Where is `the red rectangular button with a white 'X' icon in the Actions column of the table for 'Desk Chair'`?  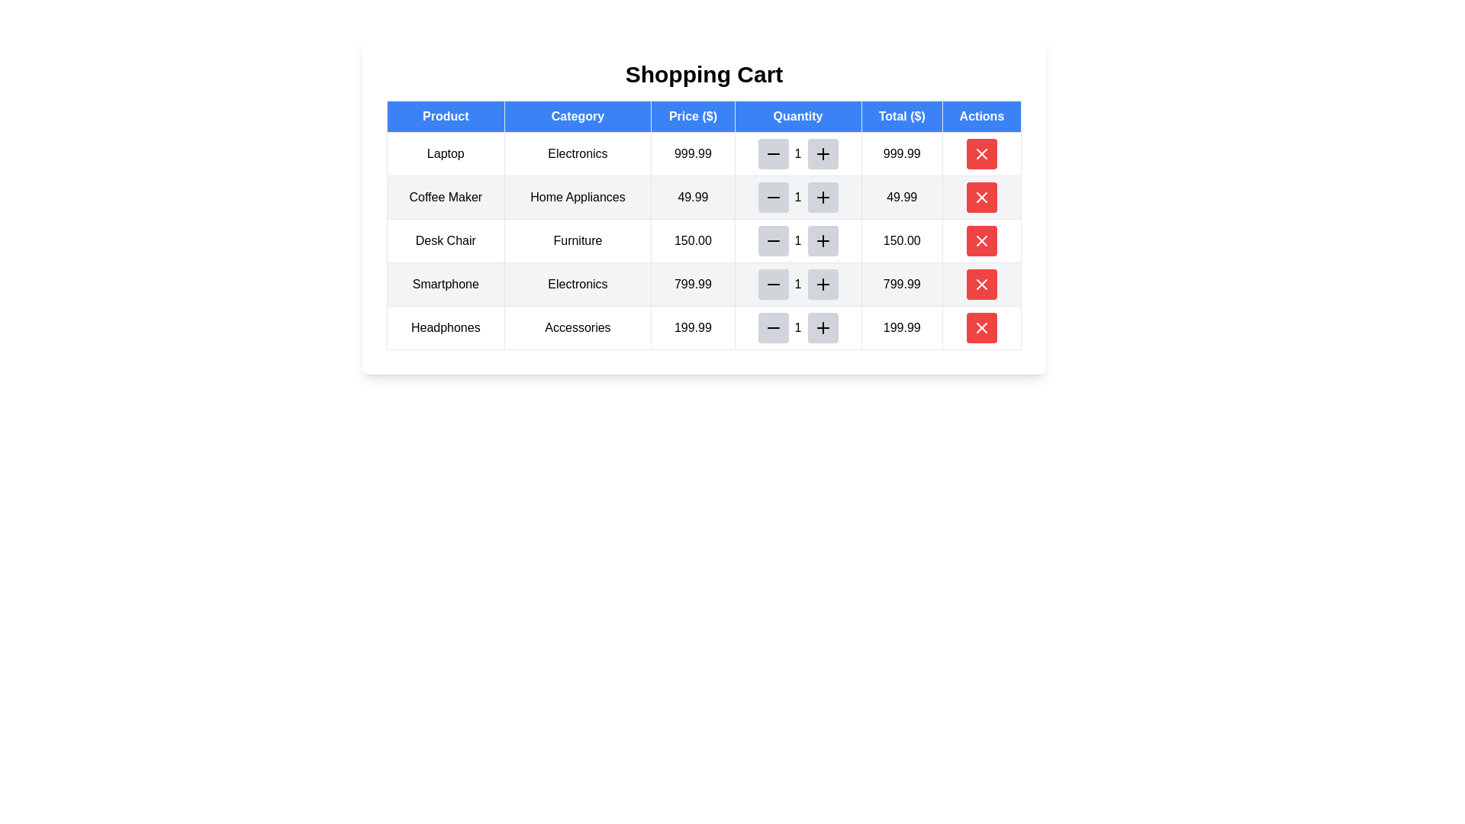 the red rectangular button with a white 'X' icon in the Actions column of the table for 'Desk Chair' is located at coordinates (981, 240).